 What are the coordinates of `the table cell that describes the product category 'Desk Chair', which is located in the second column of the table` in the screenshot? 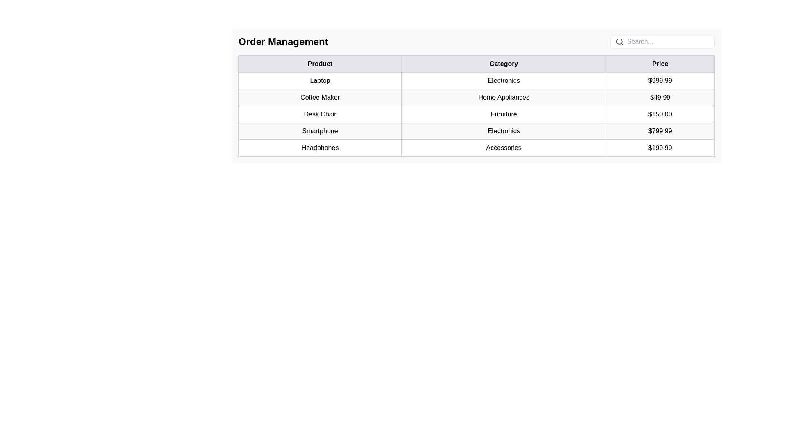 It's located at (503, 114).